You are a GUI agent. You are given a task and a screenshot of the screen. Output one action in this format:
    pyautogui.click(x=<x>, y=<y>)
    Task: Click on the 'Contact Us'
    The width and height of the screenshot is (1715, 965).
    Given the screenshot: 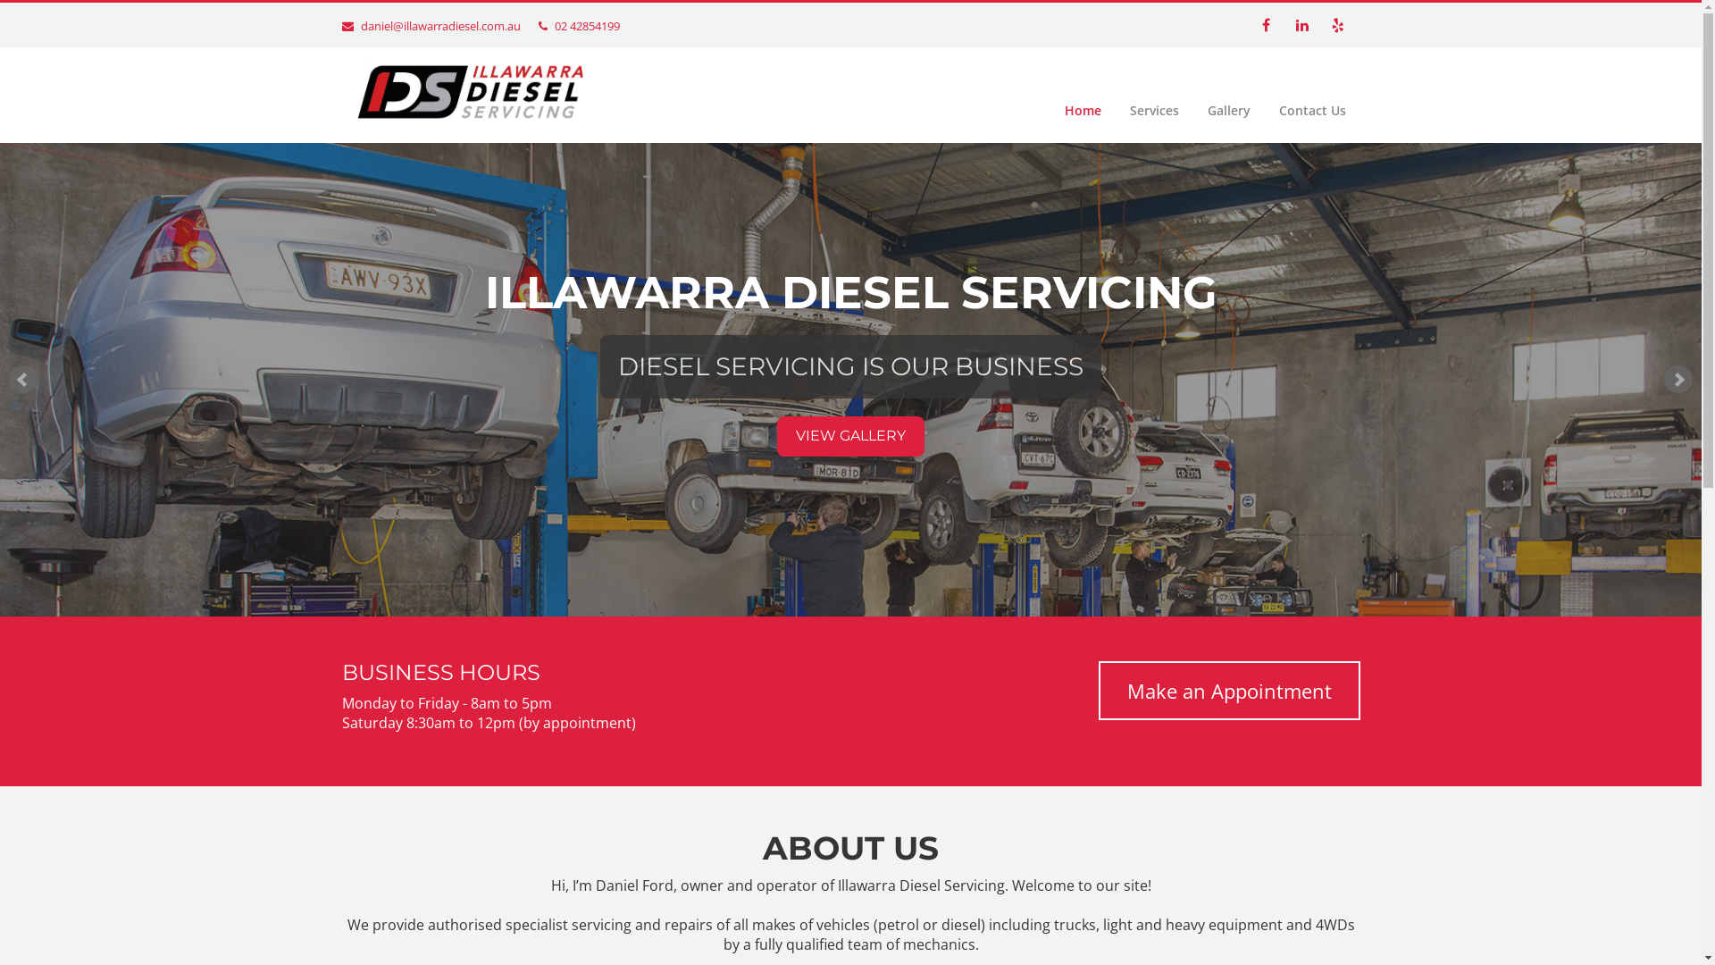 What is the action you would take?
    pyautogui.click(x=1264, y=110)
    